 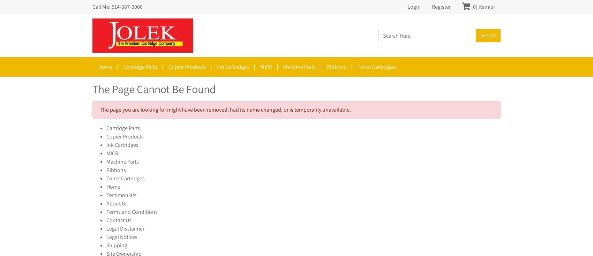 What do you see at coordinates (121, 237) in the screenshot?
I see `'Legal Notices'` at bounding box center [121, 237].